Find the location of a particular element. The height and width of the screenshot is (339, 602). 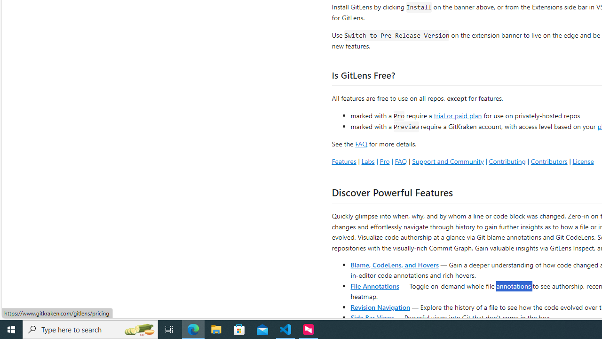

'Features' is located at coordinates (343, 161).